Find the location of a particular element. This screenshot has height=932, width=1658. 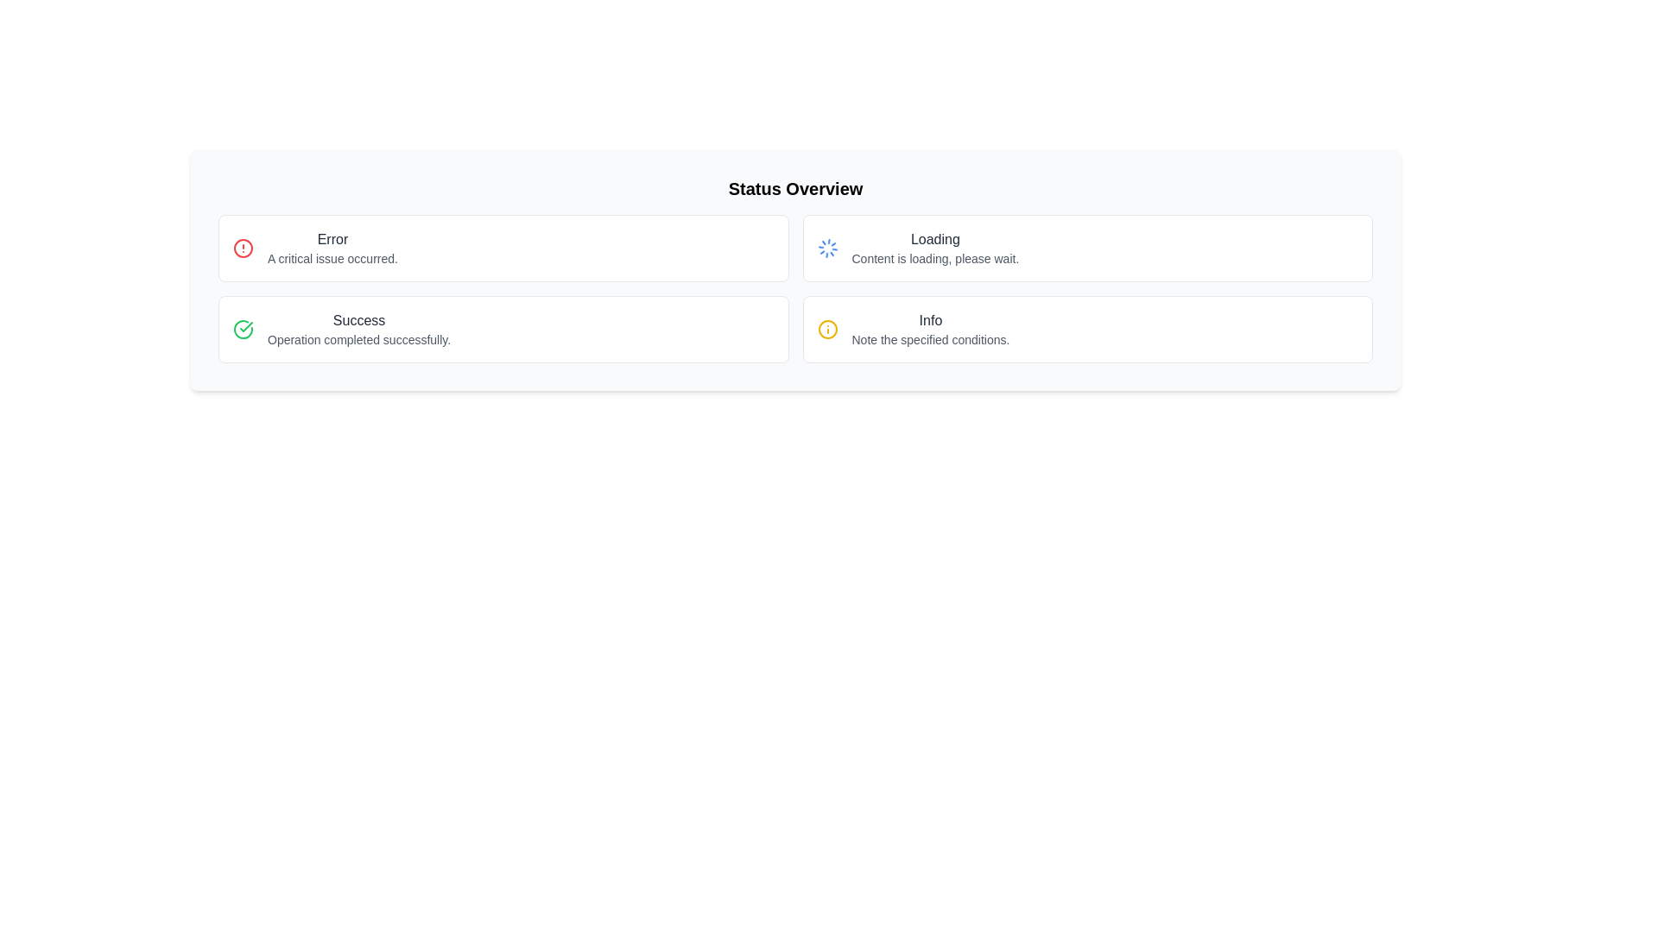

the TextBlock displaying 'Info' with the description 'Note the specified conditions.' located in the bottom-right card of the grid is located at coordinates (929, 329).